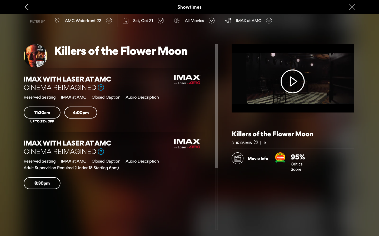 The height and width of the screenshot is (236, 379). Describe the element at coordinates (250, 157) in the screenshot. I see `View movie details then go back` at that location.